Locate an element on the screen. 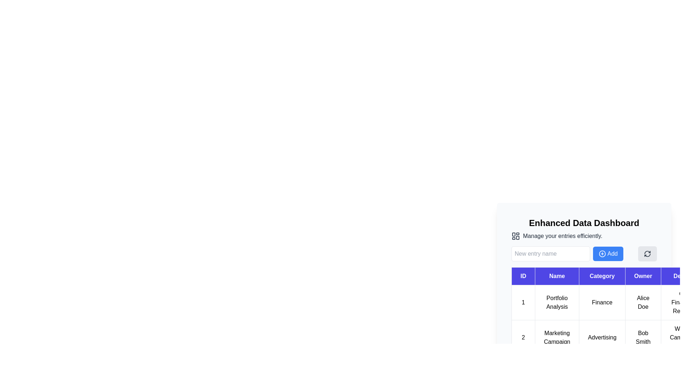  the 'Finance' text label located in the third column of the first row of the data table under the header 'Category' is located at coordinates (602, 302).